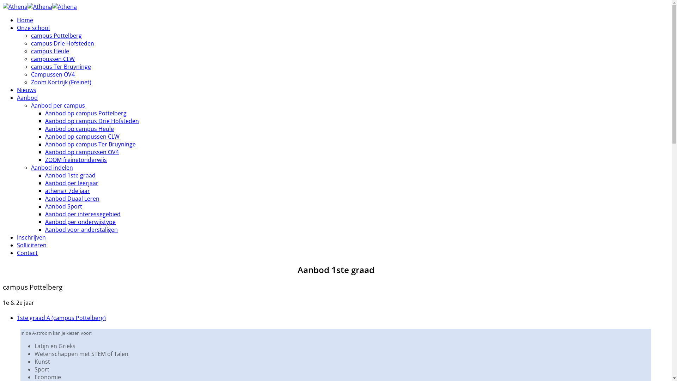  What do you see at coordinates (70, 175) in the screenshot?
I see `'Aanbod 1ste graad'` at bounding box center [70, 175].